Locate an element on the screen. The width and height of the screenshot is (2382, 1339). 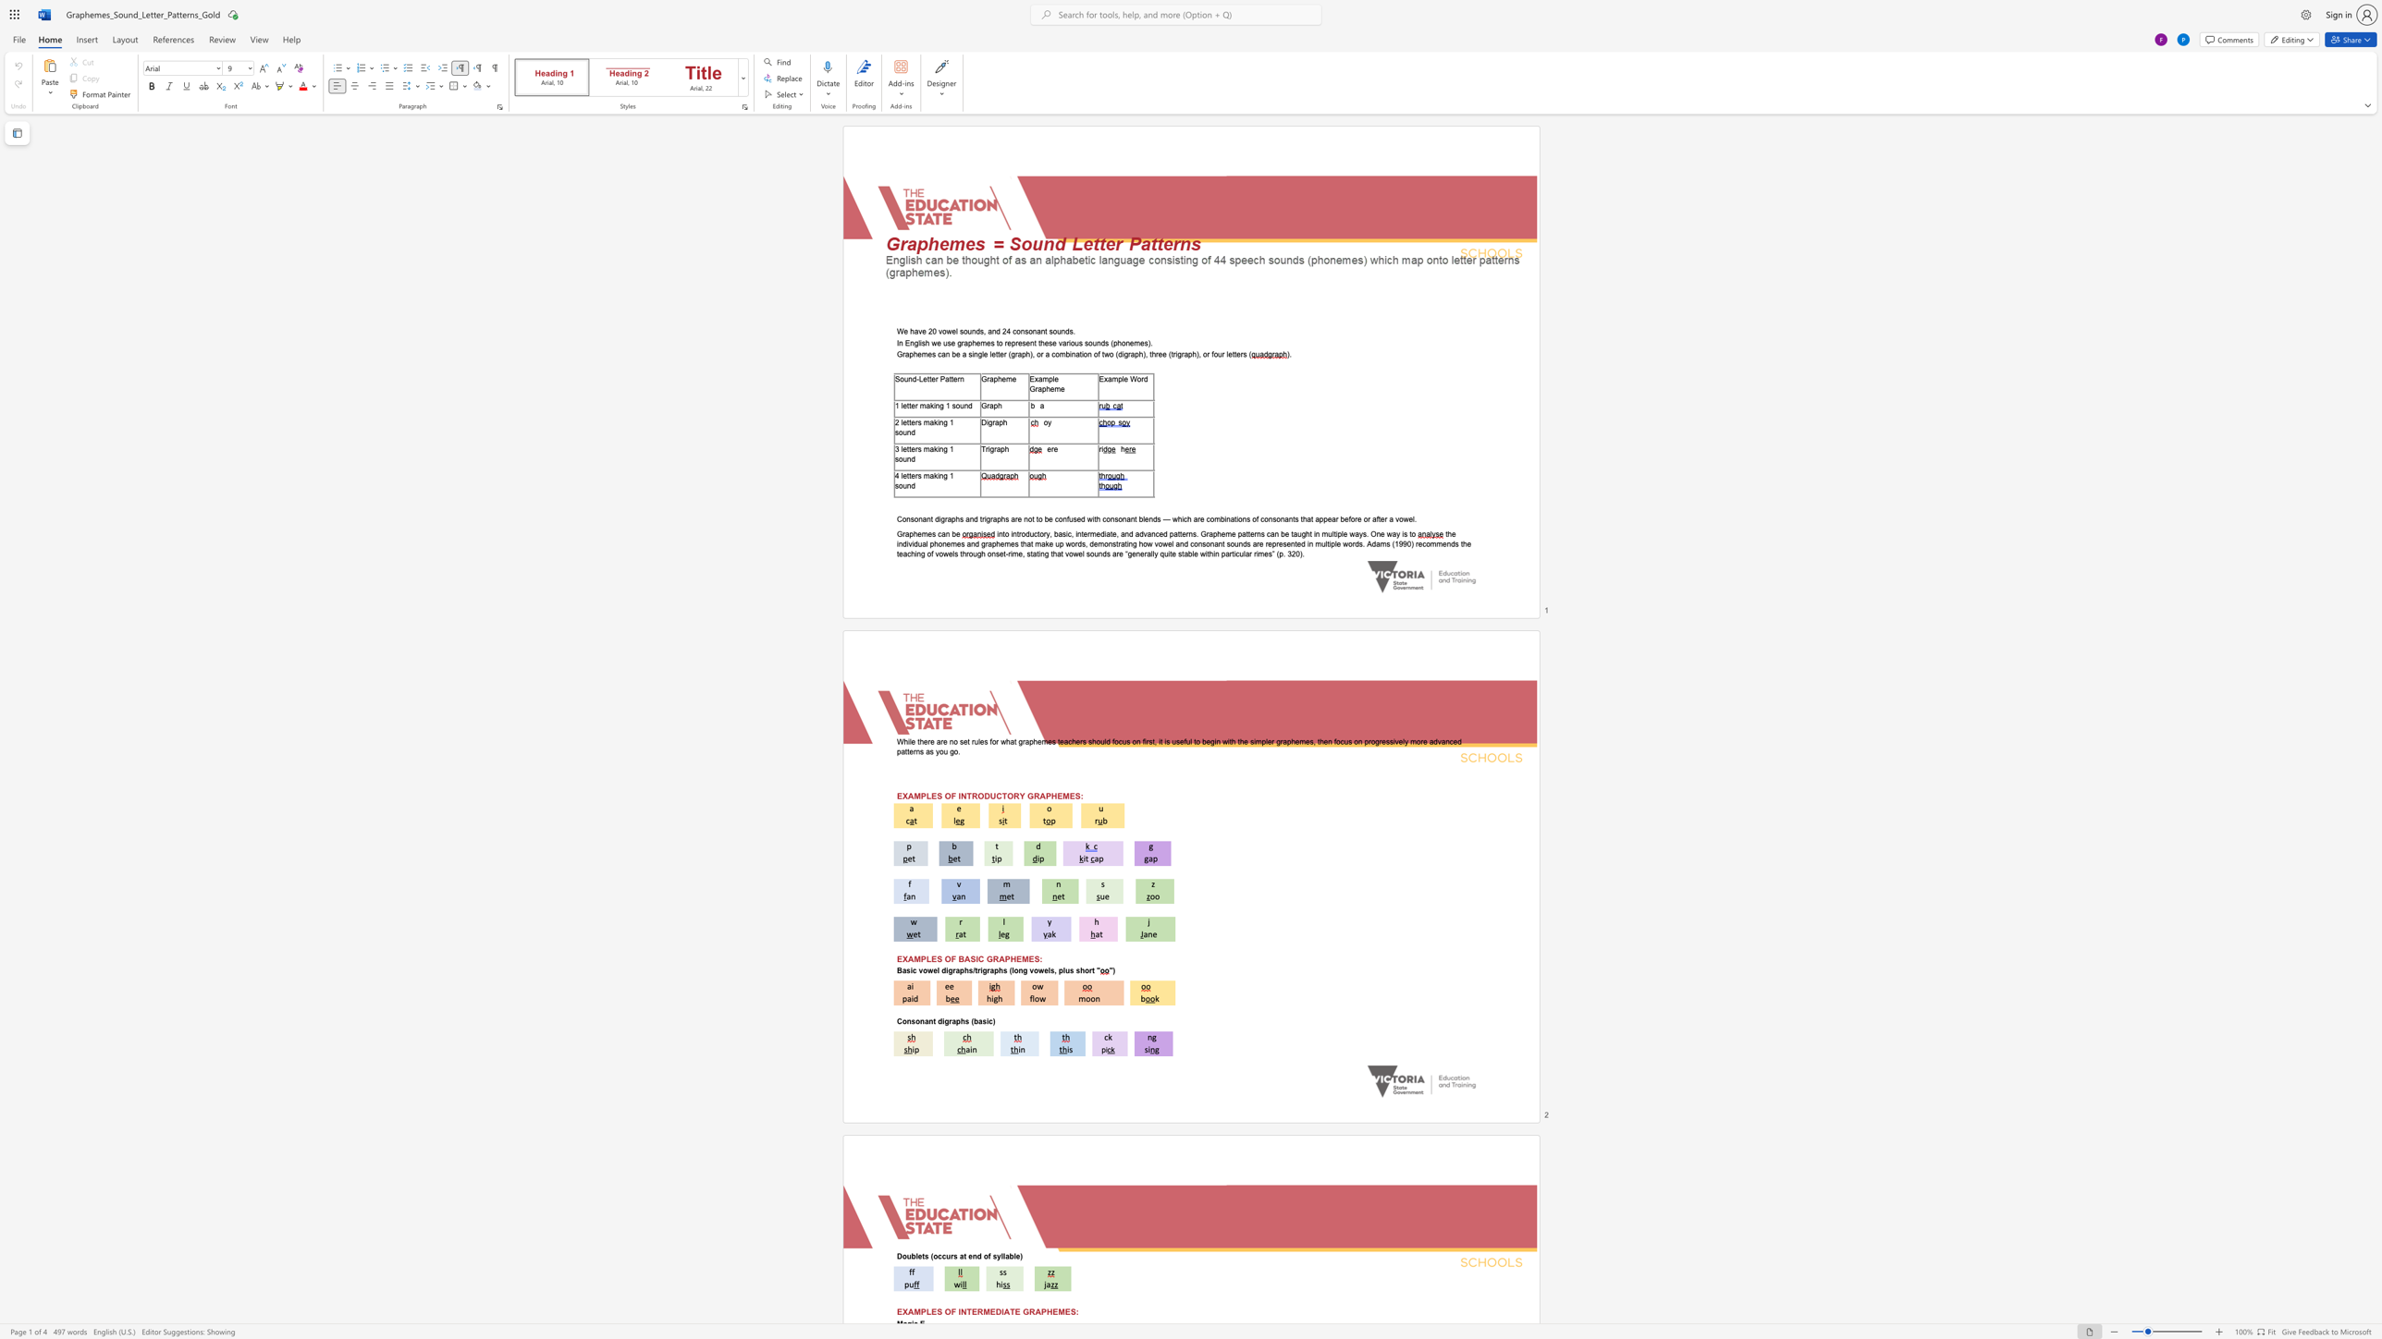
the subset text "e stable within particular rimes” (p. 3" within the text "that vowel sounds are “generally quite stable within particular rimes” (p. 320)" is located at coordinates (1172, 553).